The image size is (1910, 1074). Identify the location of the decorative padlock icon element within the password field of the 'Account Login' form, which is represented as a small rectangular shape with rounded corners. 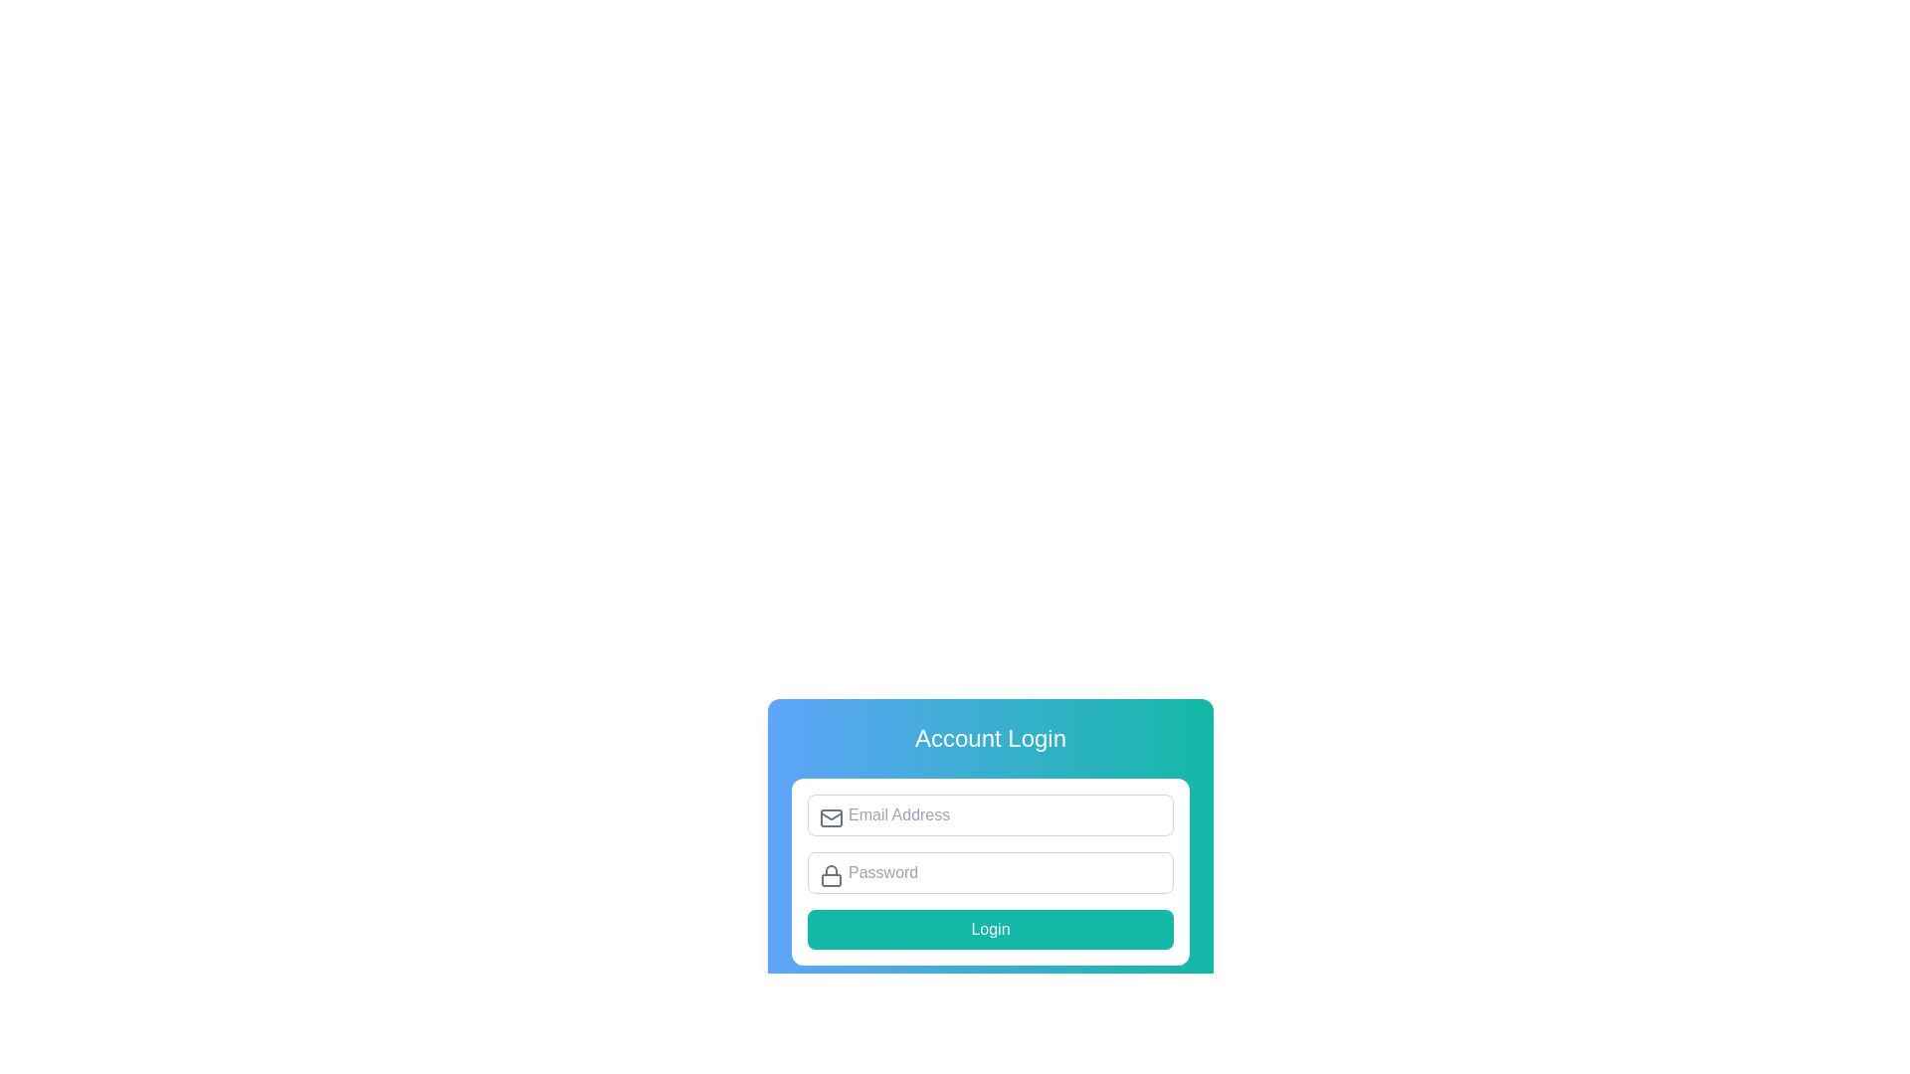
(831, 878).